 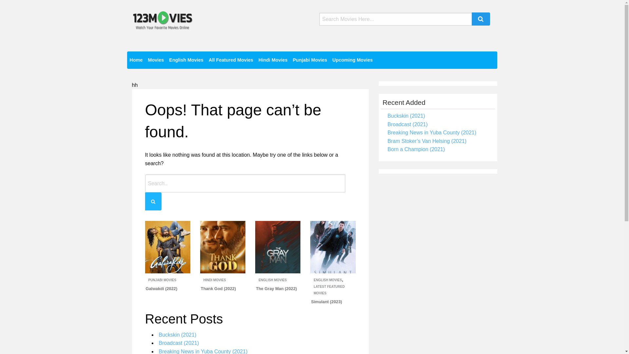 I want to click on 'Born a Champion (2021)', so click(x=416, y=149).